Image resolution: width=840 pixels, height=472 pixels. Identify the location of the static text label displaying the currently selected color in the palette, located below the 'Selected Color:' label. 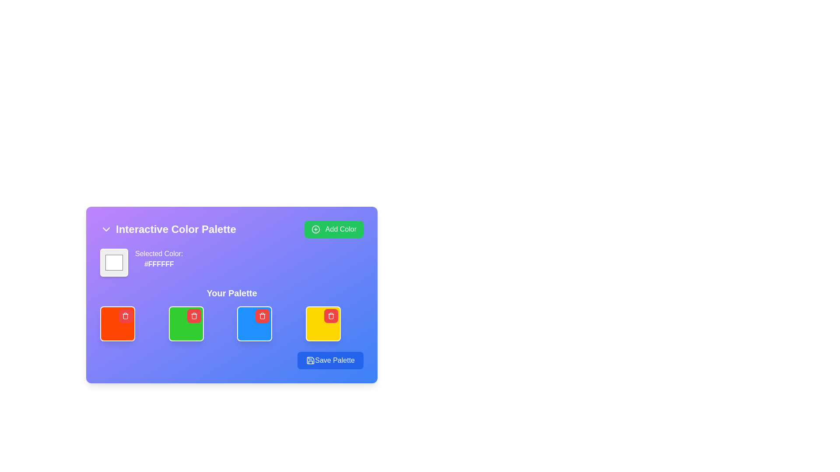
(159, 264).